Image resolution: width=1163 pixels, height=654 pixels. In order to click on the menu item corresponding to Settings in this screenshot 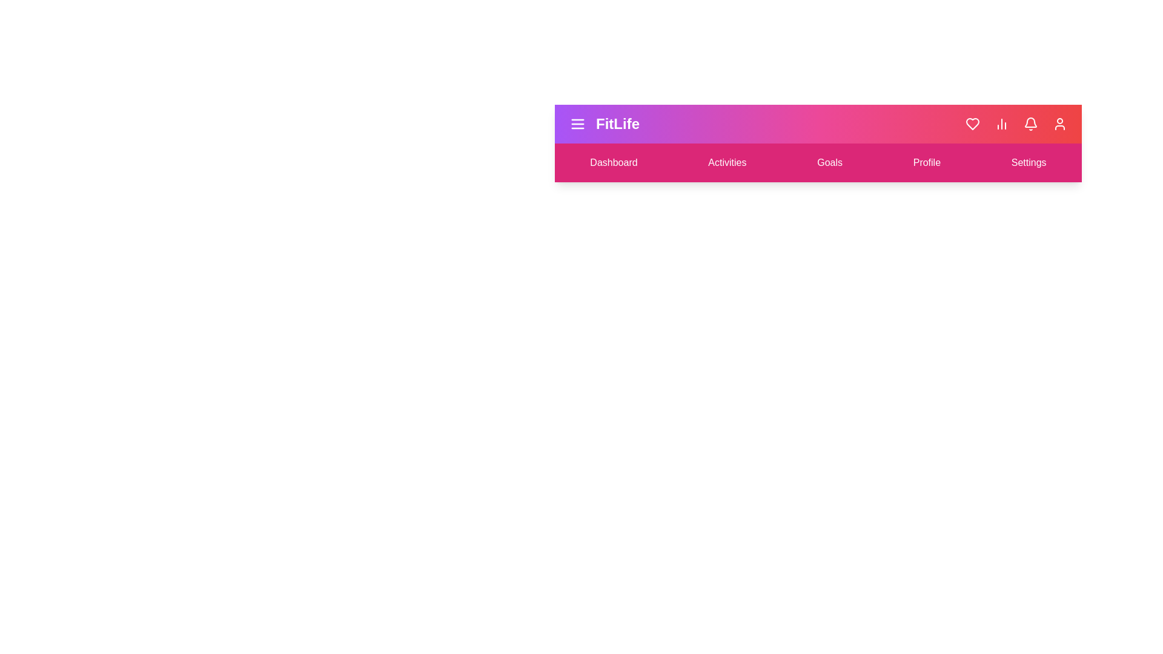, I will do `click(1028, 162)`.